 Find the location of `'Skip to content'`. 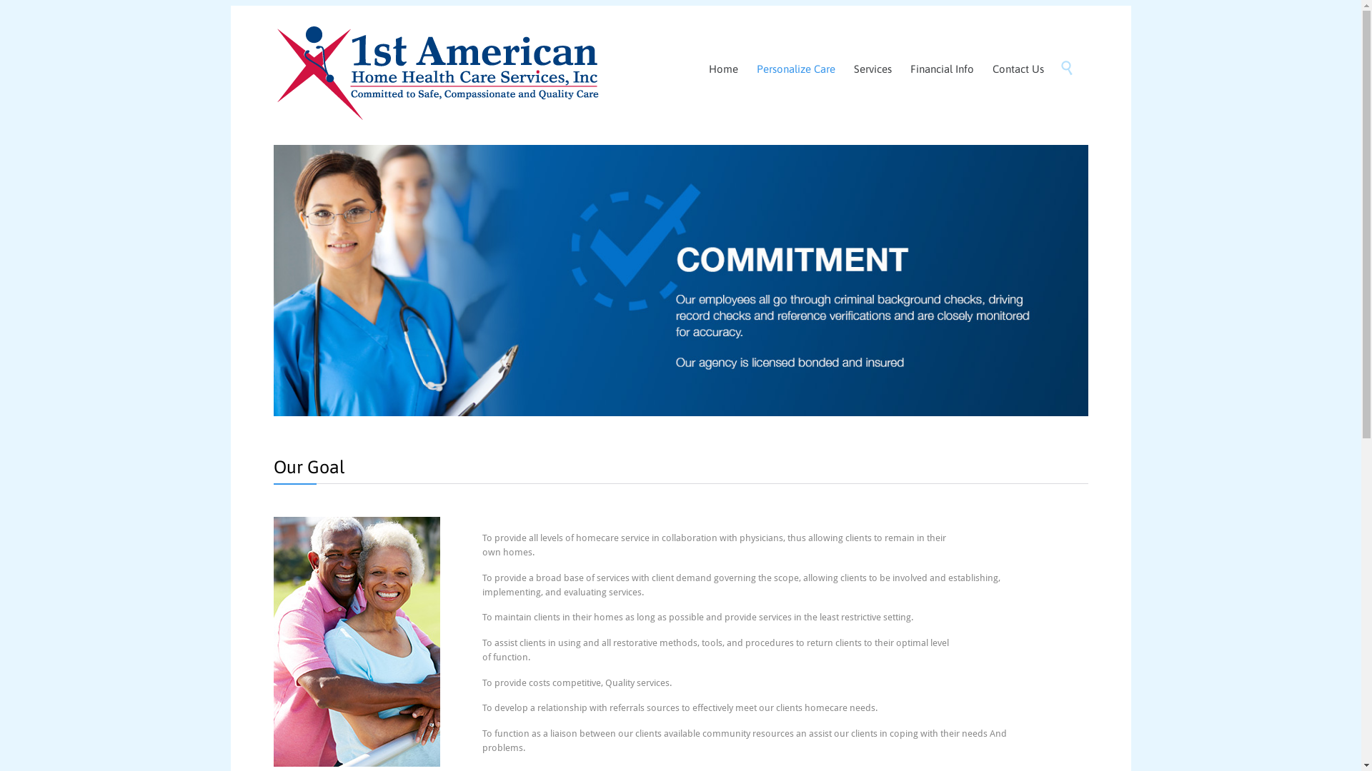

'Skip to content' is located at coordinates (1055, 52).